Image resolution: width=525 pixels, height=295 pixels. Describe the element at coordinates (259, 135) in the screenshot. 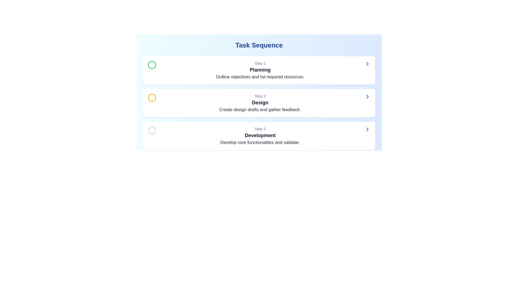

I see `the 'Step 3' card in the task sequence` at that location.